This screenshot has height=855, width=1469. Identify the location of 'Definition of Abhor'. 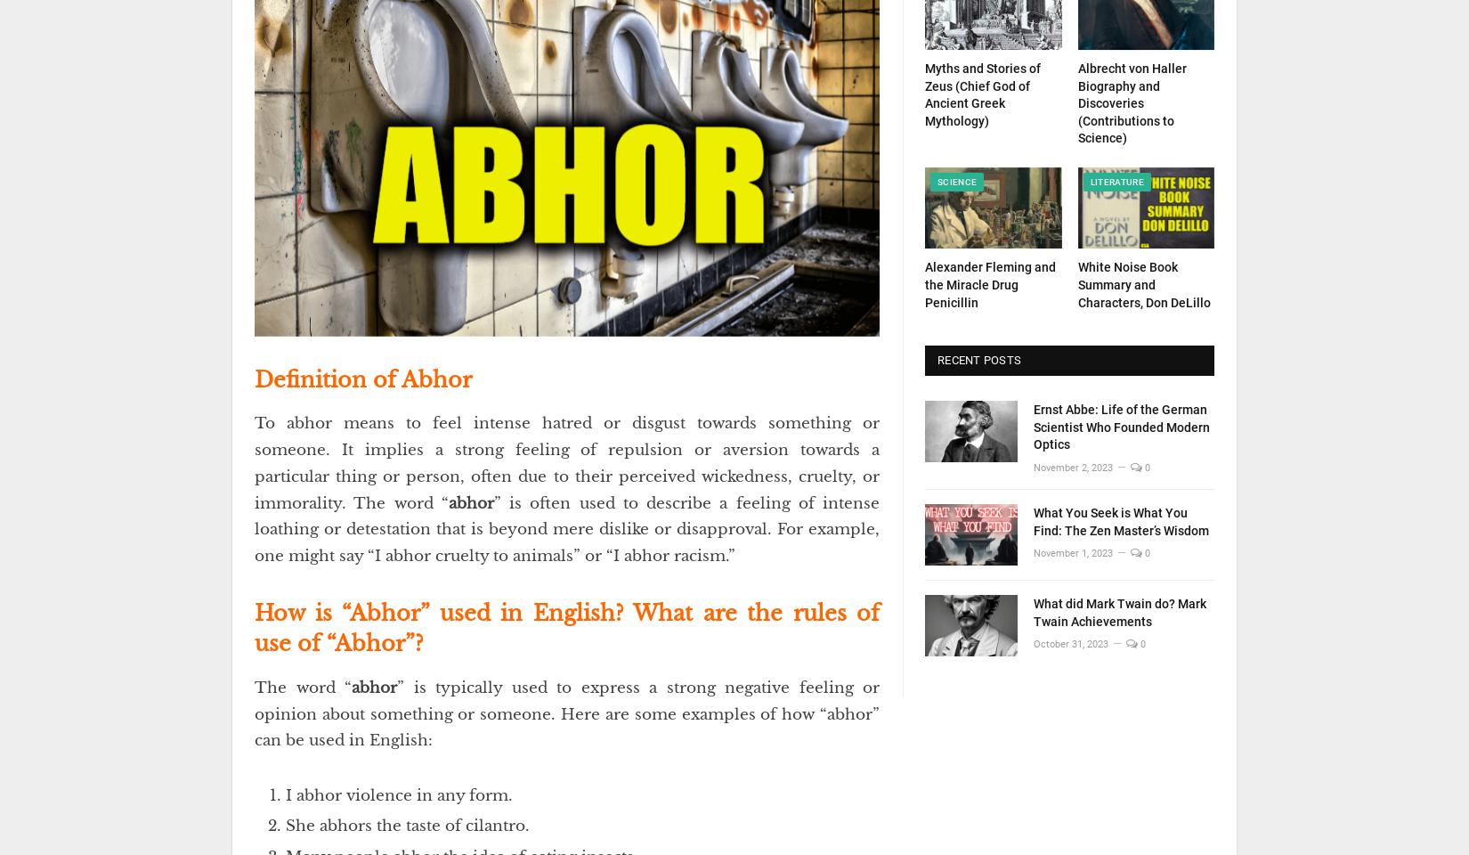
(363, 379).